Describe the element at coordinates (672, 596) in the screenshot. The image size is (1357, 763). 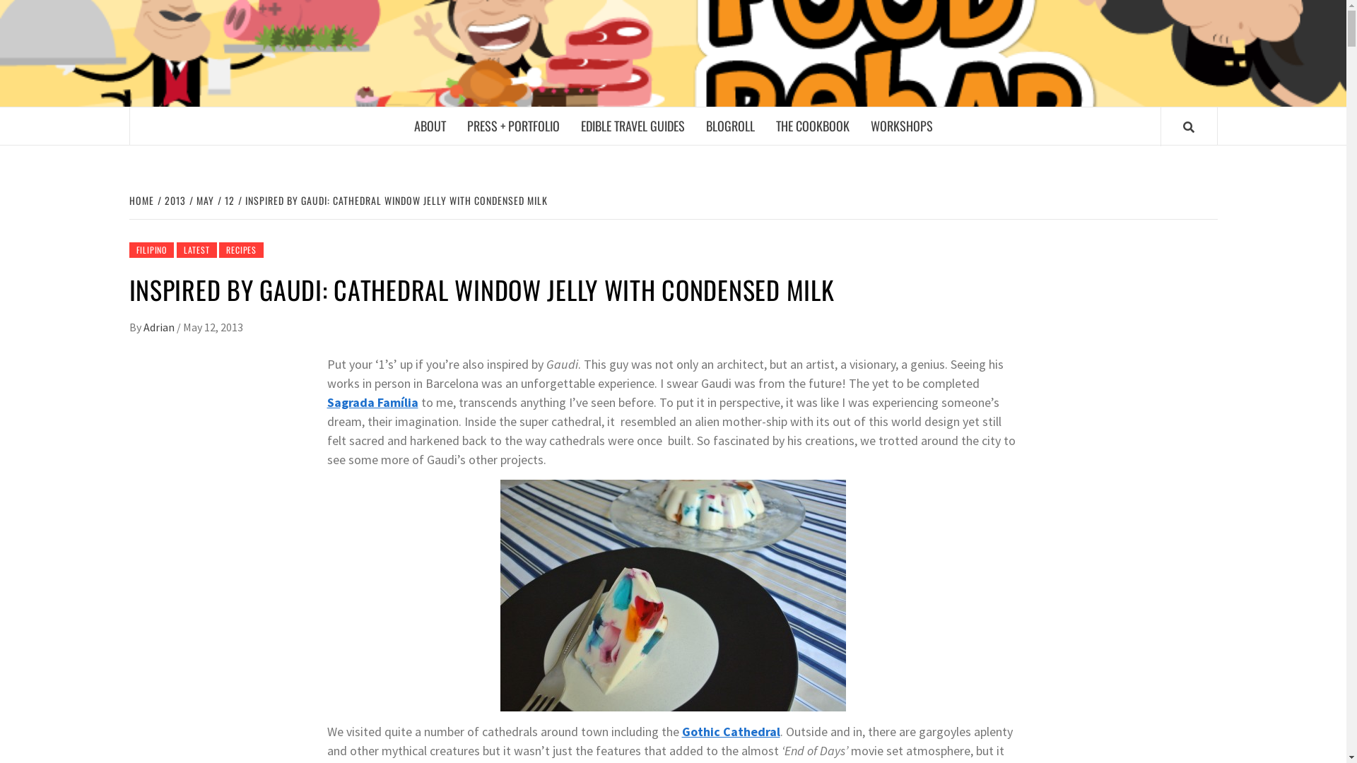
I see `'cathedral window jelly recipe'` at that location.